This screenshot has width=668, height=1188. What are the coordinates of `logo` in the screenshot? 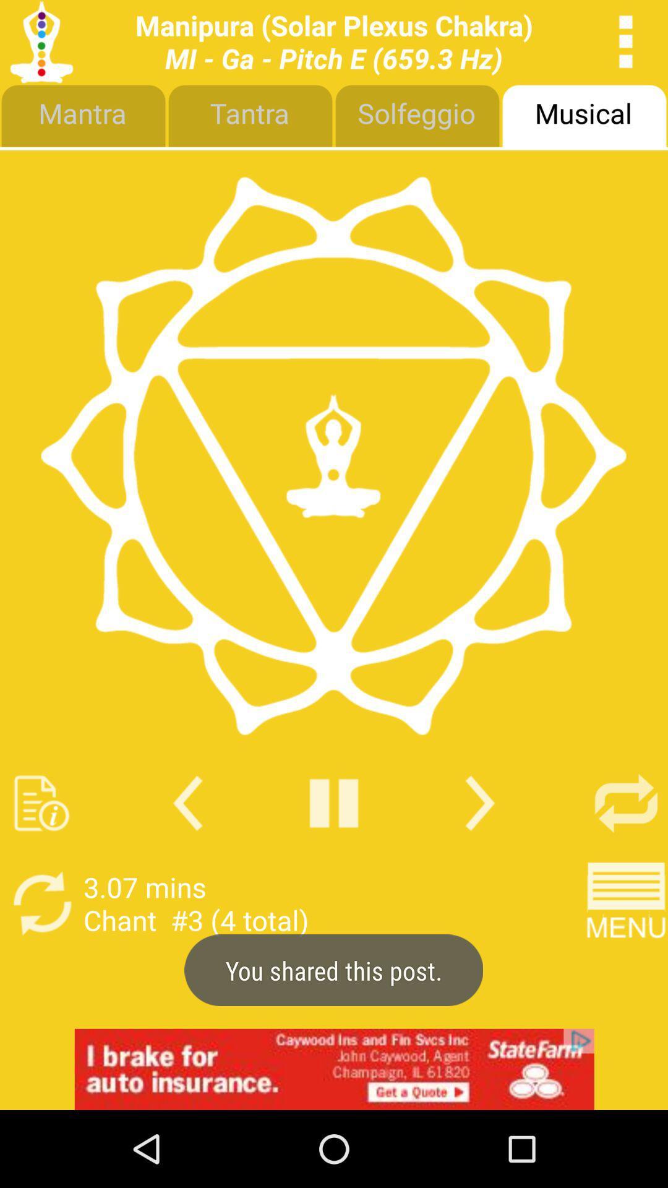 It's located at (333, 455).